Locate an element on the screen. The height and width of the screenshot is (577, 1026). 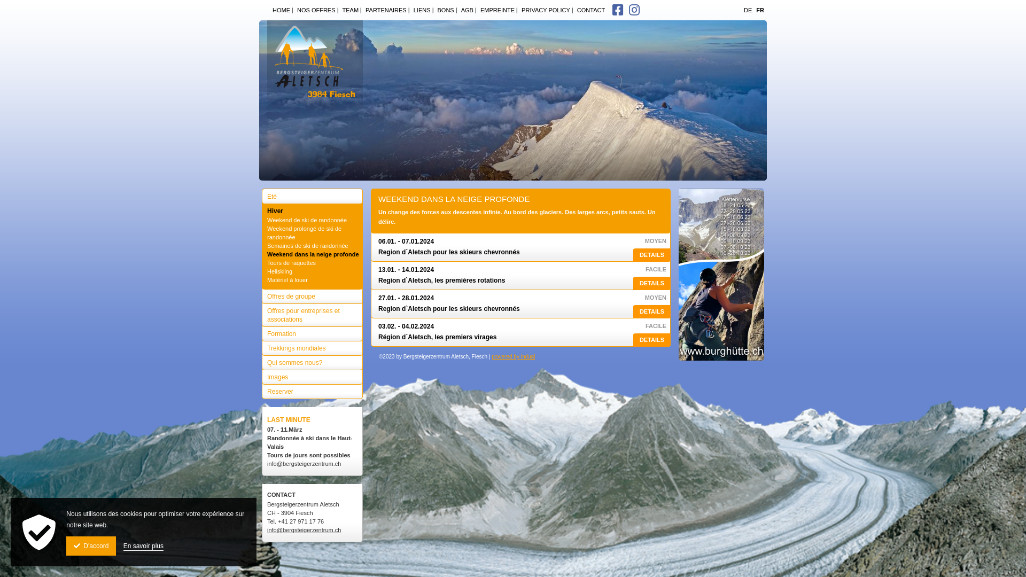
'BONS' is located at coordinates (431, 10).